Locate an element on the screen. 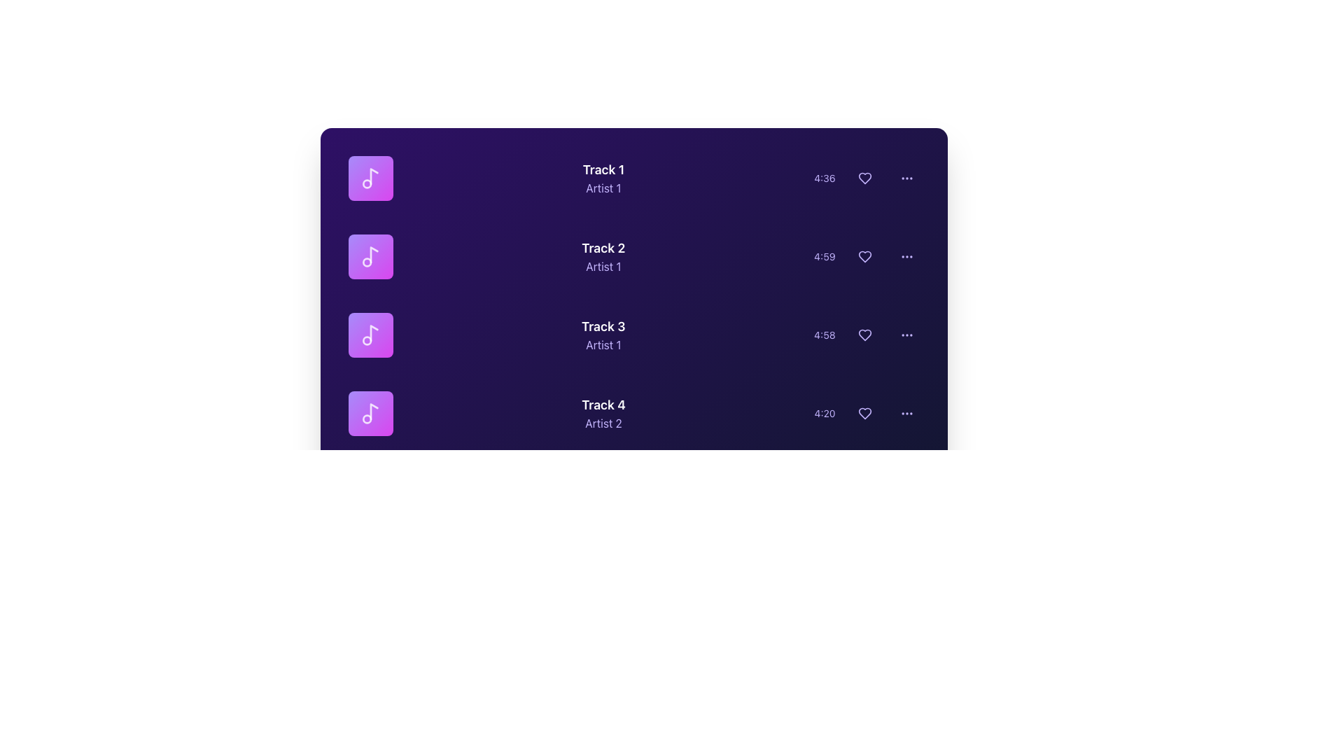 This screenshot has width=1344, height=756. the second row in the music playlist interface, which represents 'Track 2' with its associated artist and duration is located at coordinates (633, 256).